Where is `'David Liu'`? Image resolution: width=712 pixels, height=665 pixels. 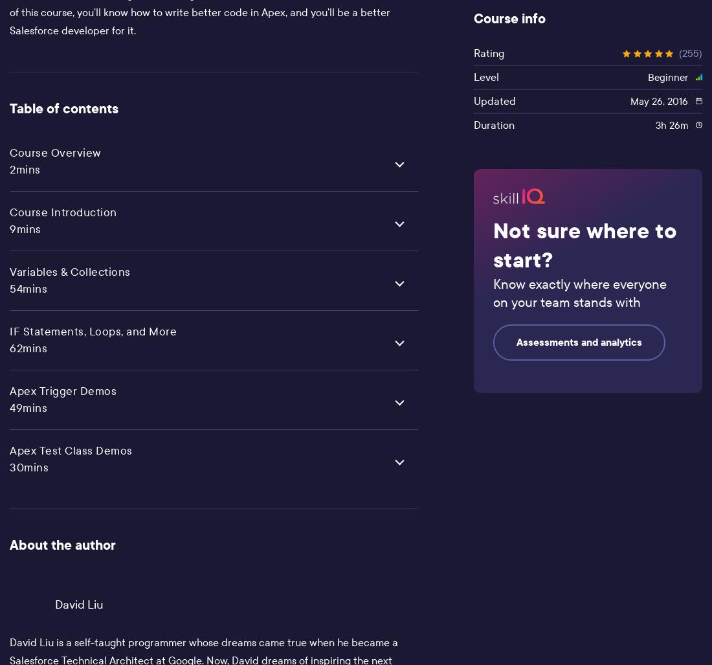 'David Liu' is located at coordinates (79, 603).